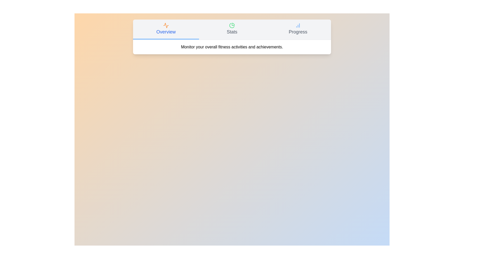 This screenshot has width=495, height=278. Describe the element at coordinates (232, 30) in the screenshot. I see `the Stats tab to view its content` at that location.